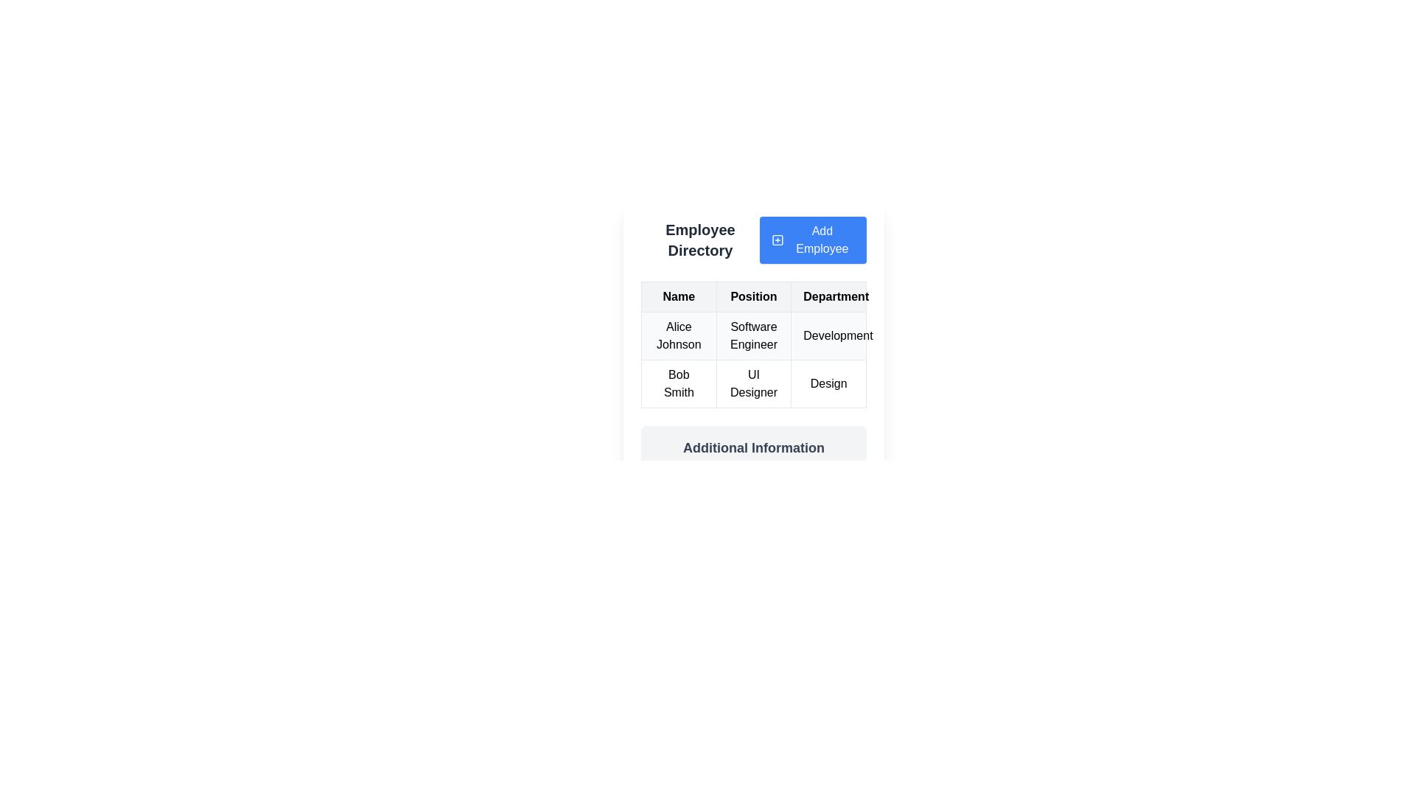 The height and width of the screenshot is (796, 1415). I want to click on the bright blue 'Add Employee' button with white text and a plus icon, so click(812, 240).